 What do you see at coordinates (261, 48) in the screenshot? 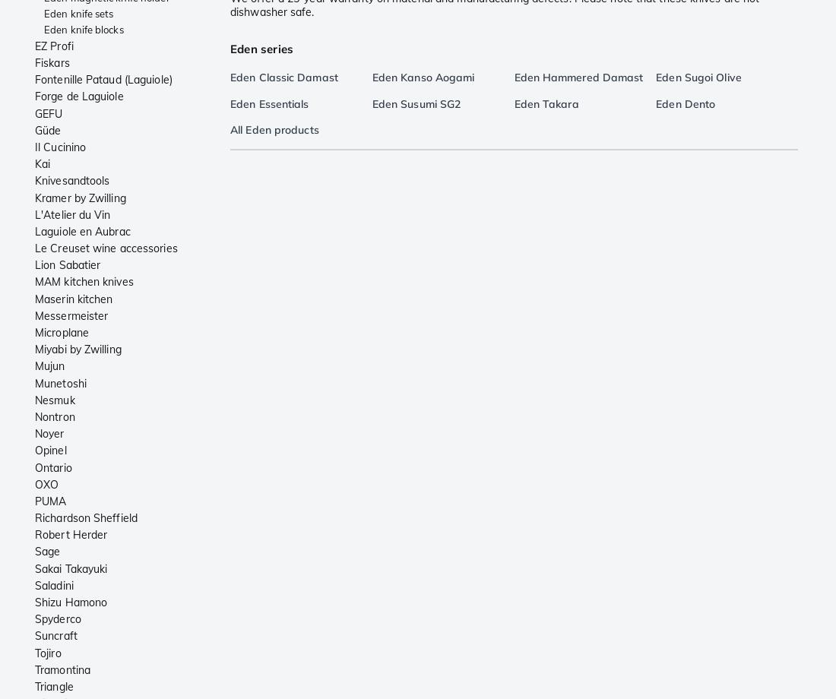
I see `'Eden series'` at bounding box center [261, 48].